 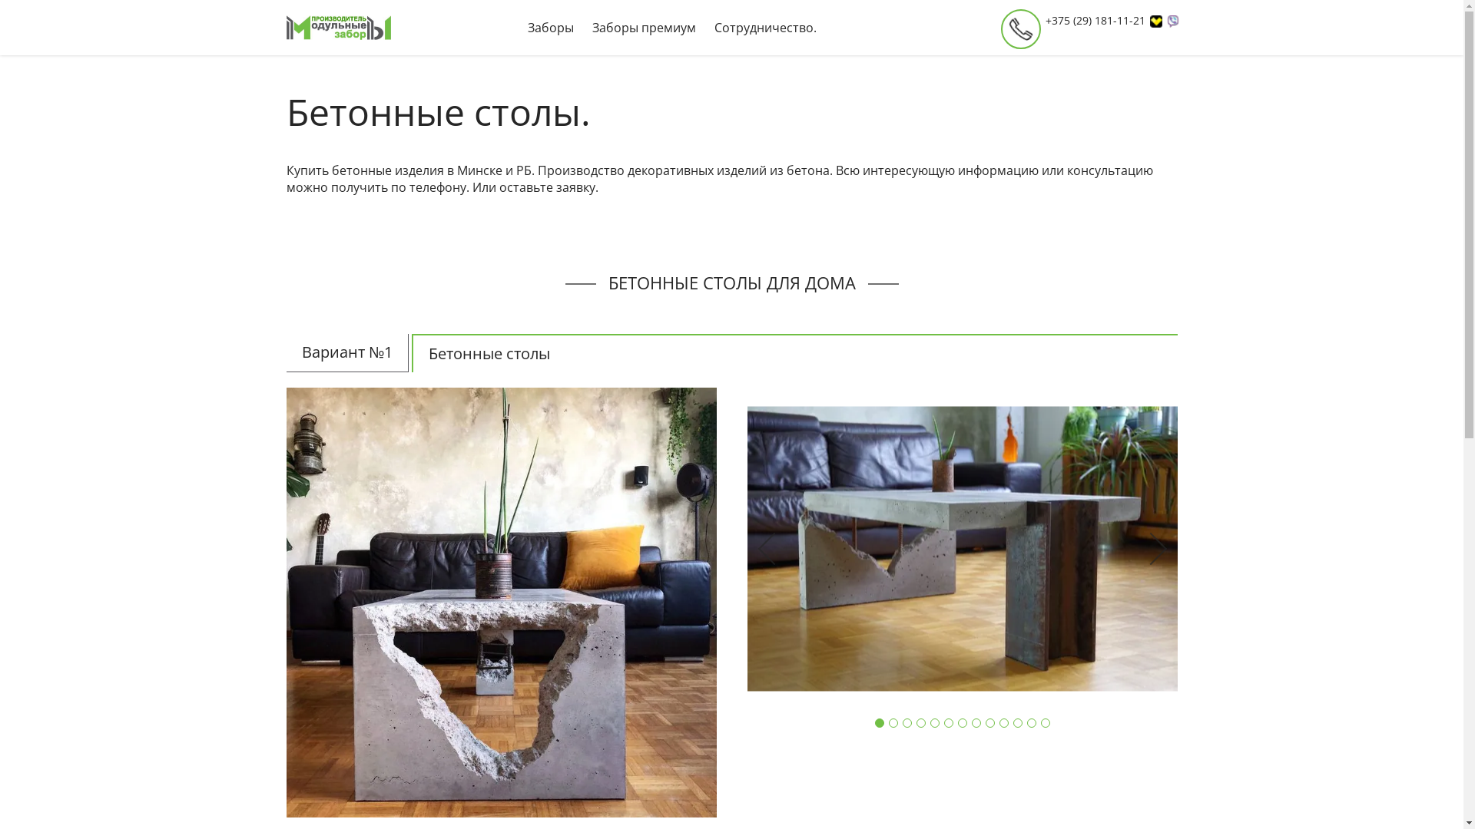 I want to click on '+375 (29) 181-11-21', so click(x=1102, y=21).